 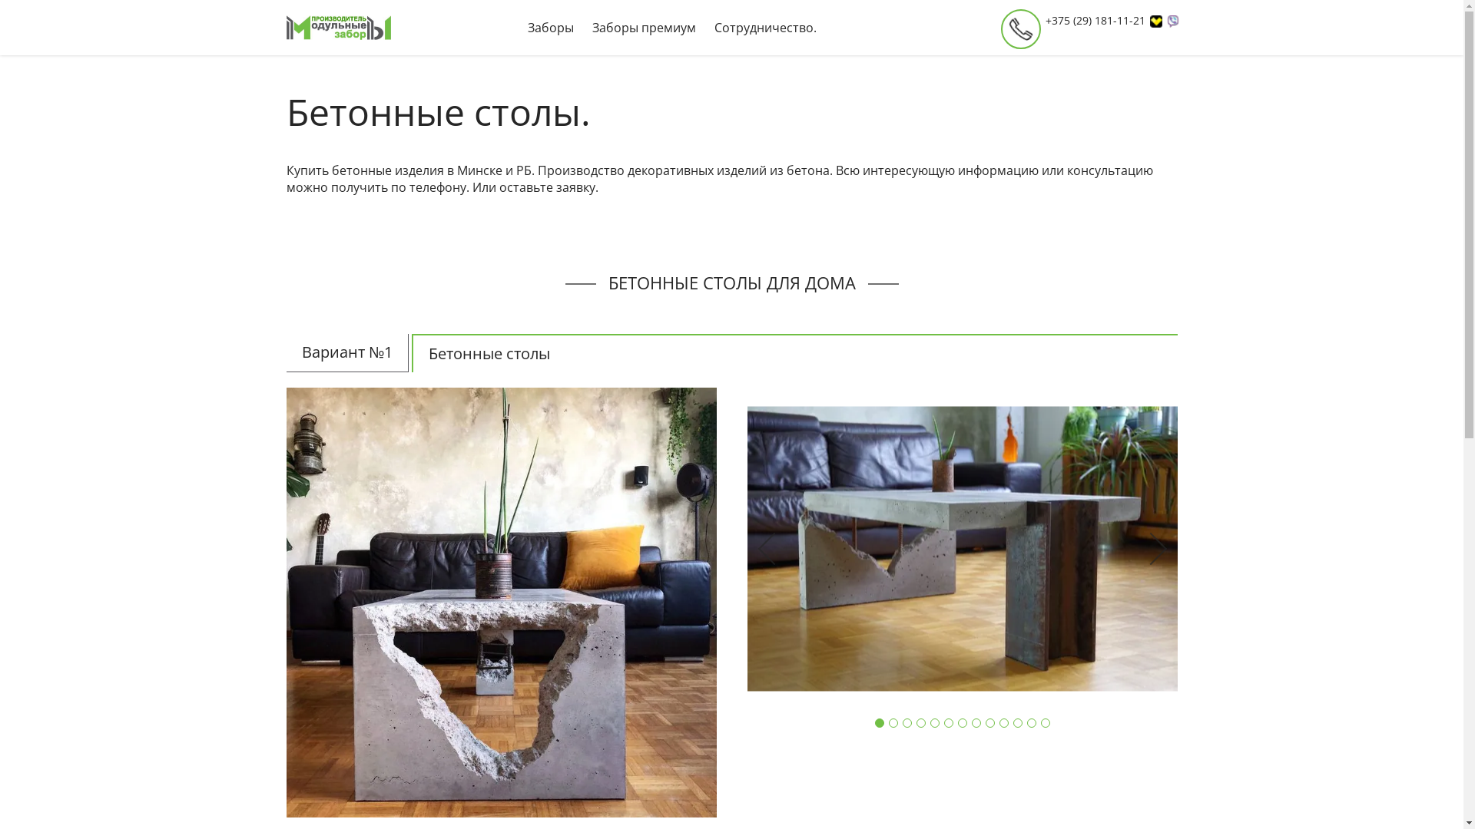 I want to click on '+375 (29) 181-11-21', so click(x=1102, y=21).